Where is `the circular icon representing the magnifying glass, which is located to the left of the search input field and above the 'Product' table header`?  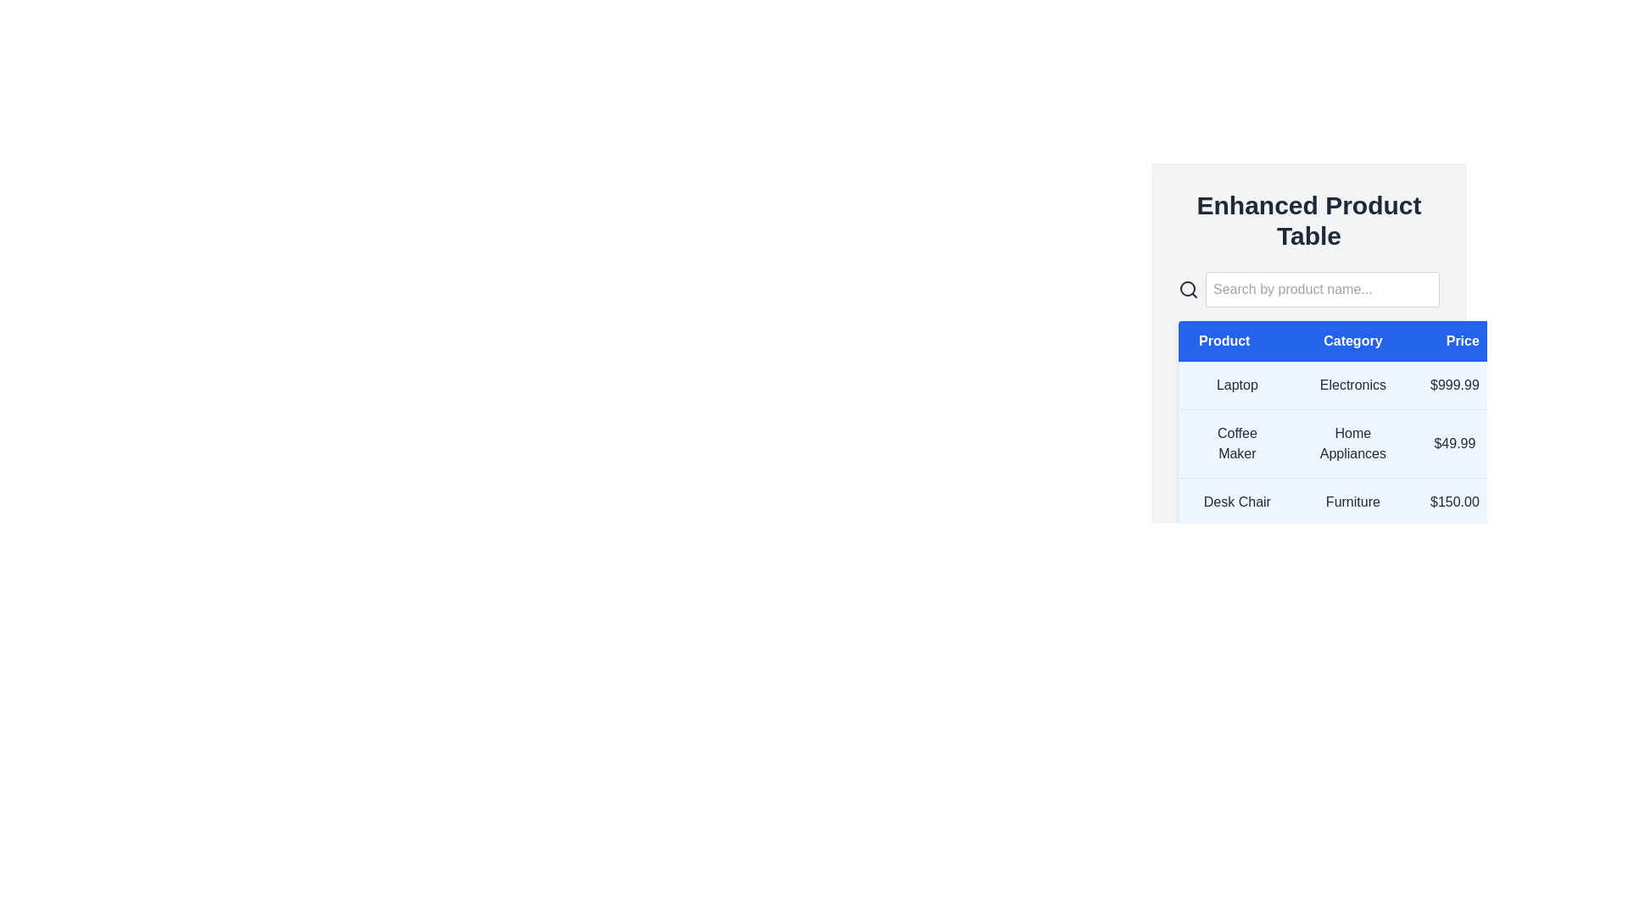
the circular icon representing the magnifying glass, which is located to the left of the search input field and above the 'Product' table header is located at coordinates (1187, 287).